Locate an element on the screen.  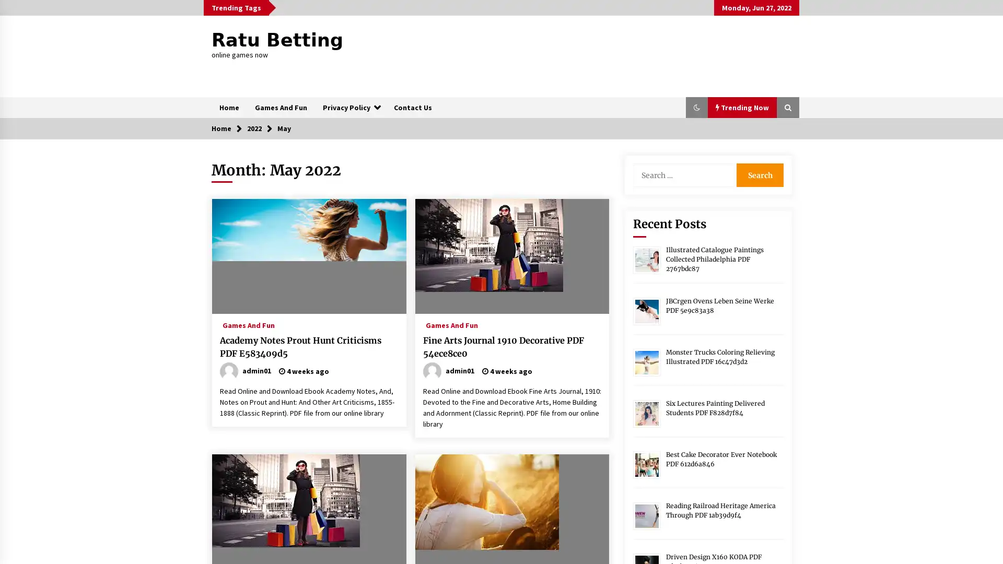
Search is located at coordinates (760, 174).